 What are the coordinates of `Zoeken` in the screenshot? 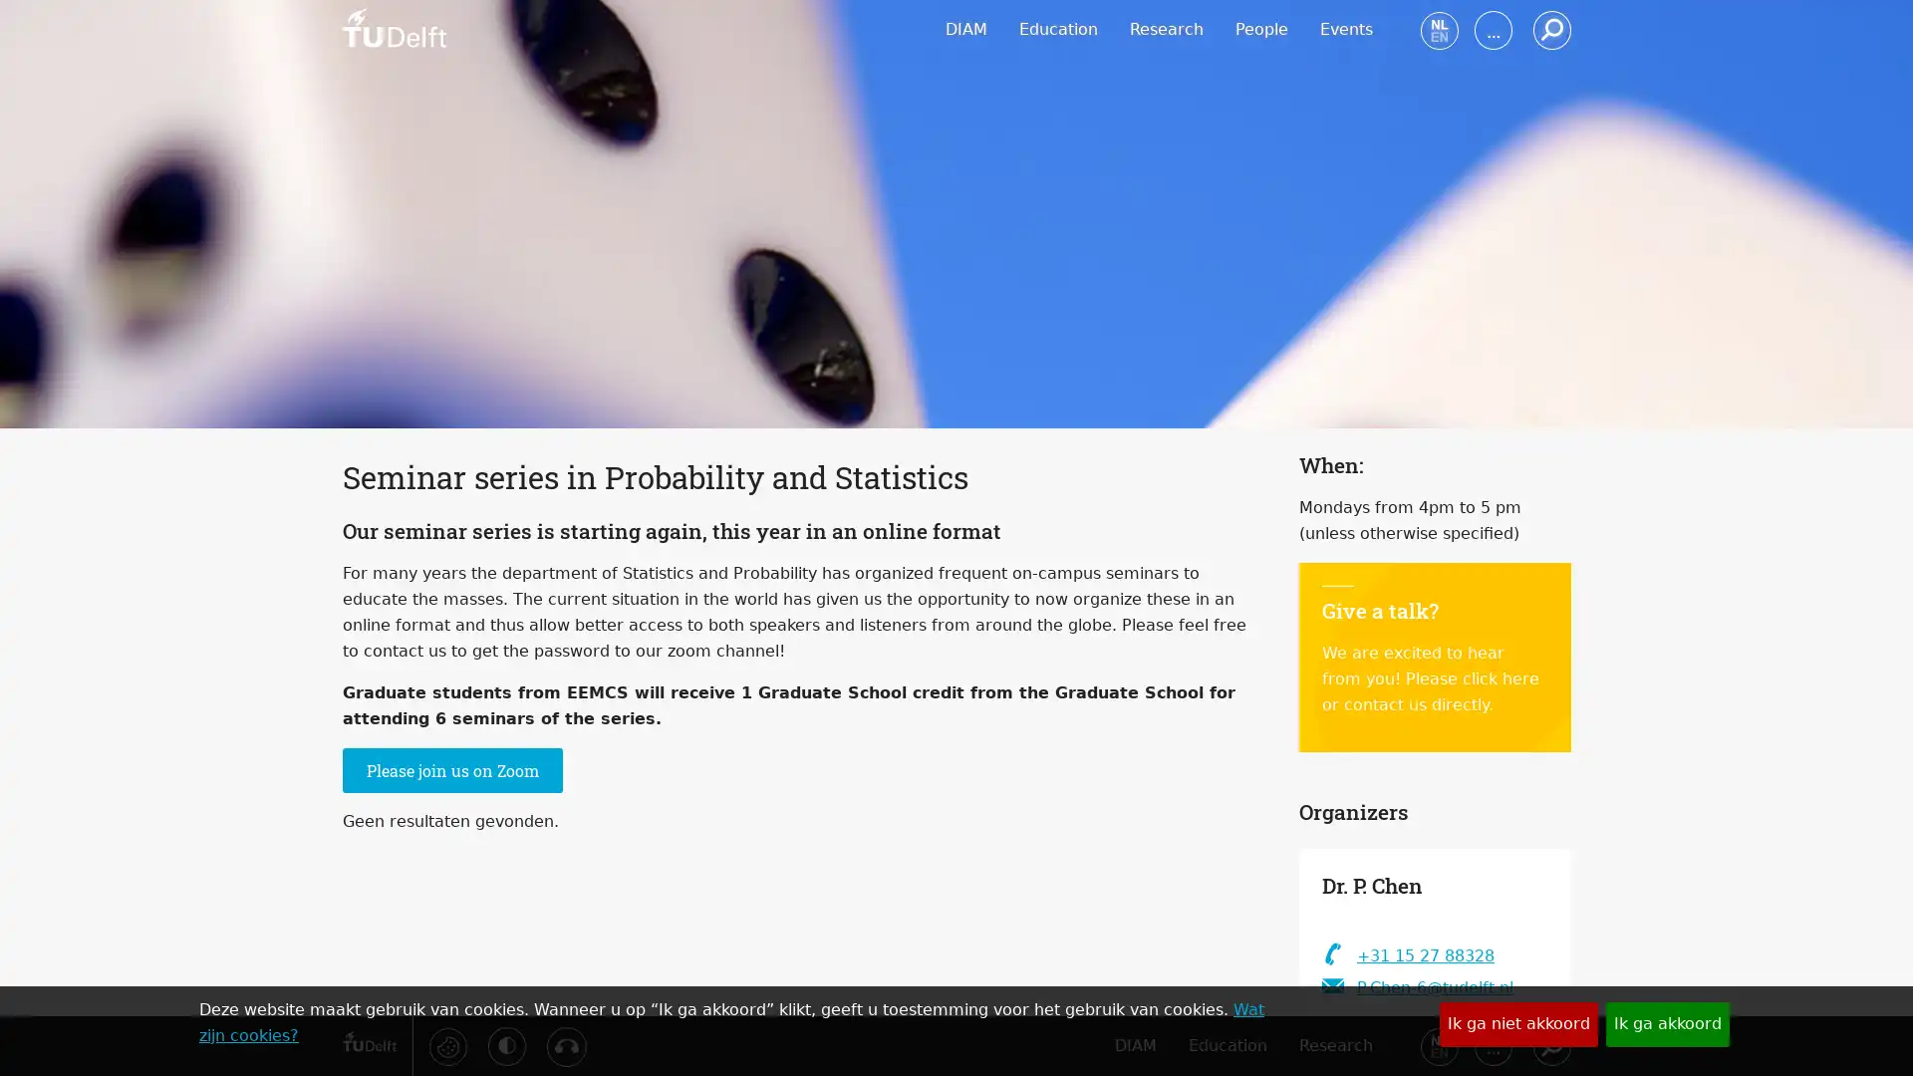 It's located at (1549, 30).